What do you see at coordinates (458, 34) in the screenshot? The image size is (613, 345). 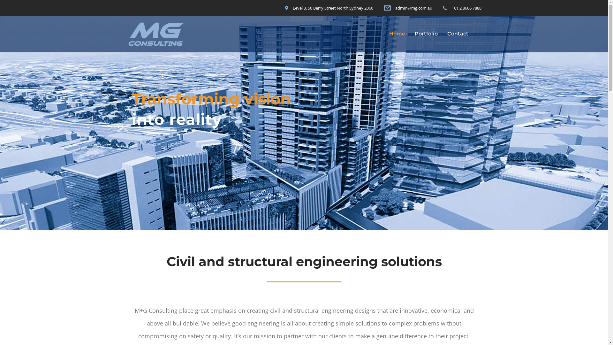 I see `'Contact'` at bounding box center [458, 34].